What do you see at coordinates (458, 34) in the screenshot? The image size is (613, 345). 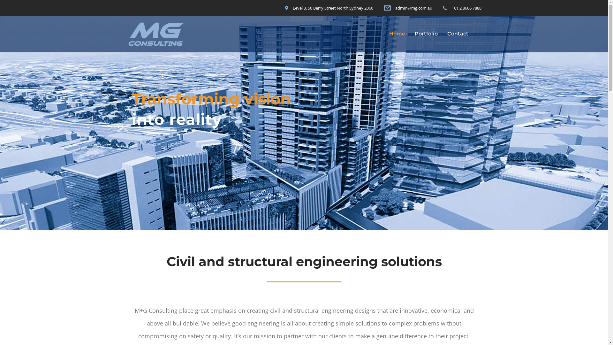 I see `'Contact'` at bounding box center [458, 34].